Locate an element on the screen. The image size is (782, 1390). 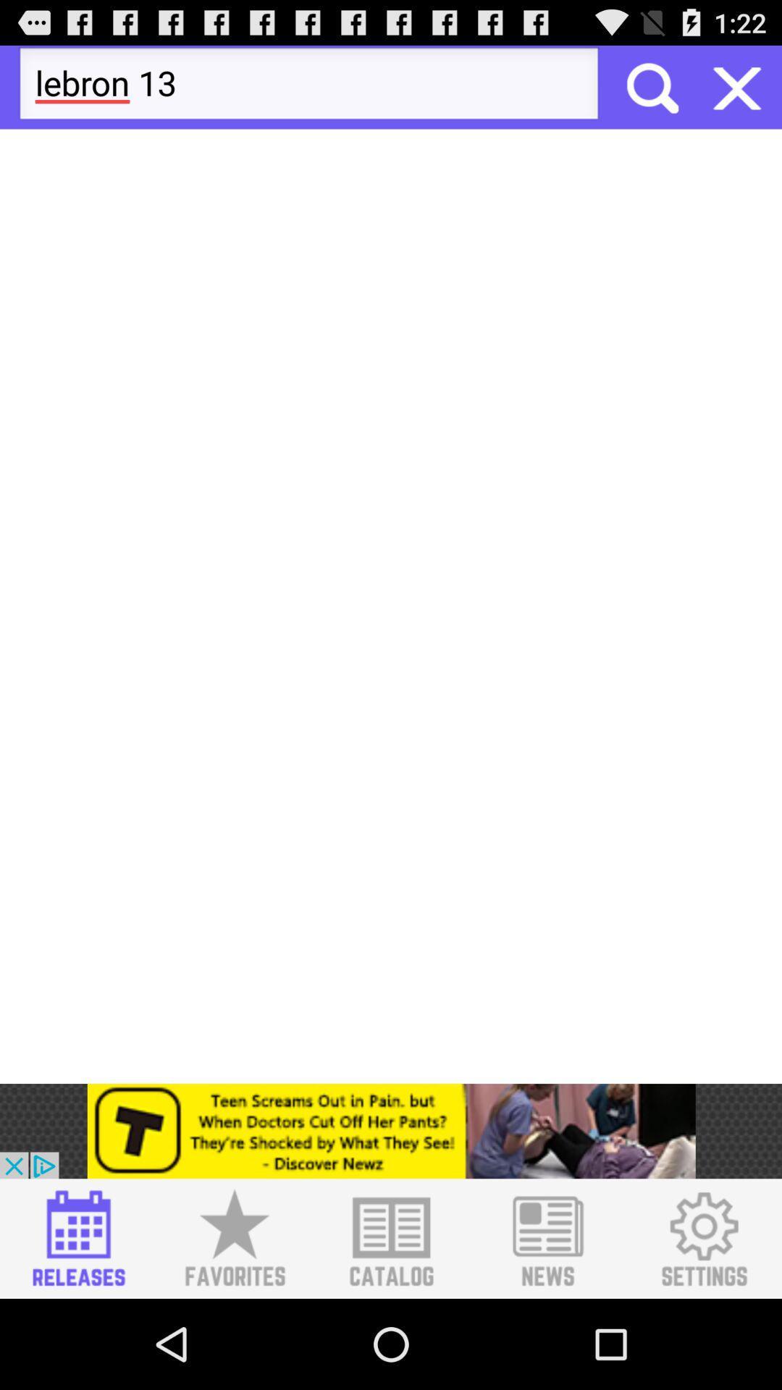
open your favorites is located at coordinates (234, 1238).